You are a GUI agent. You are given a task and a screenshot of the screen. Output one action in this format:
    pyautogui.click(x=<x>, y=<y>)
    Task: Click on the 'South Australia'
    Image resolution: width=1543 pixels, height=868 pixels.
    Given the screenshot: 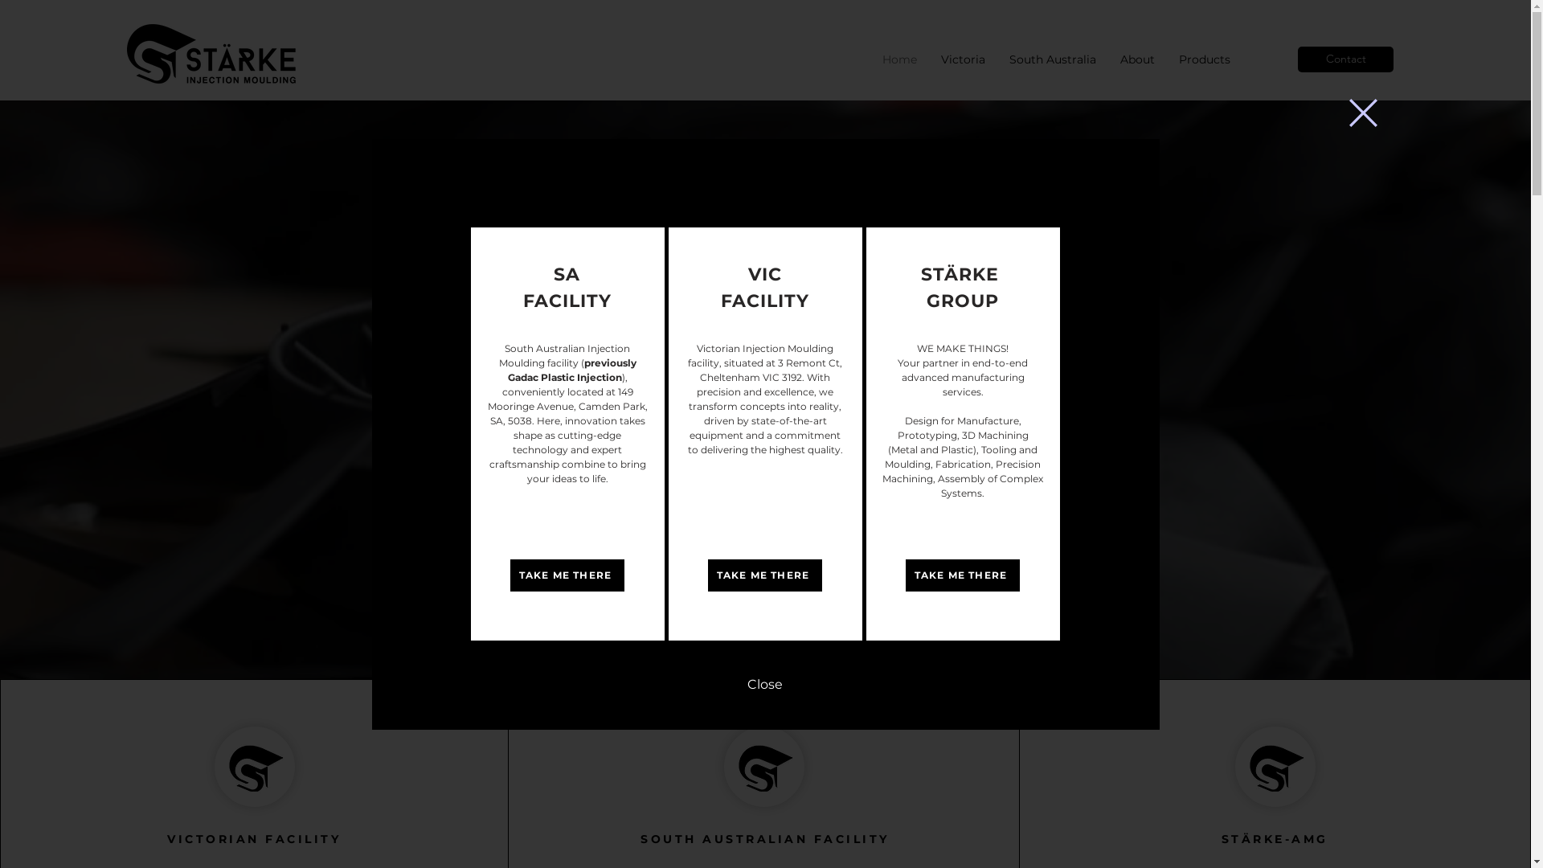 What is the action you would take?
    pyautogui.click(x=1053, y=58)
    